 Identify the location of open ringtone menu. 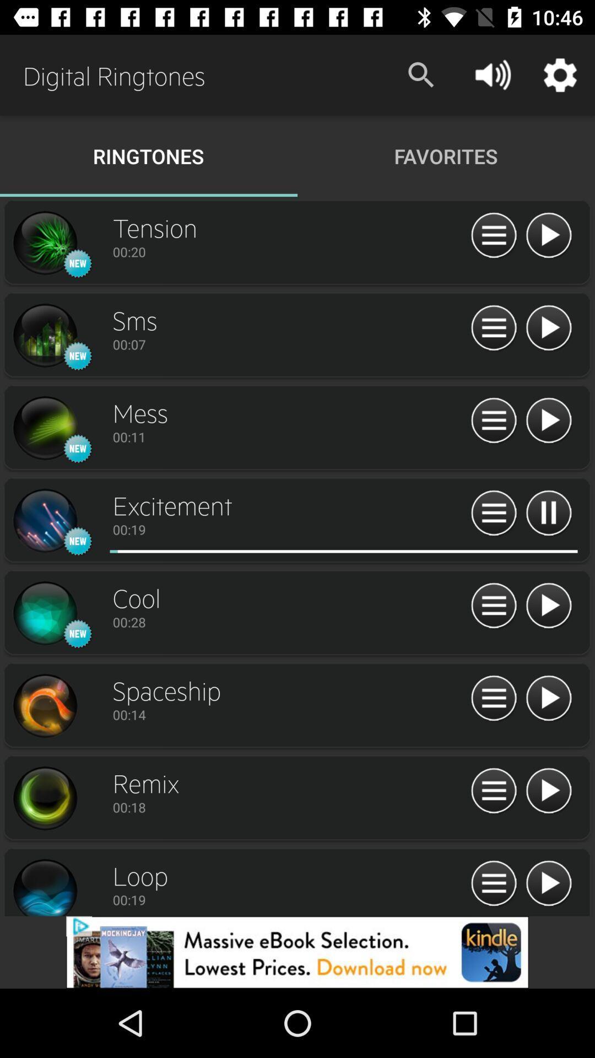
(493, 791).